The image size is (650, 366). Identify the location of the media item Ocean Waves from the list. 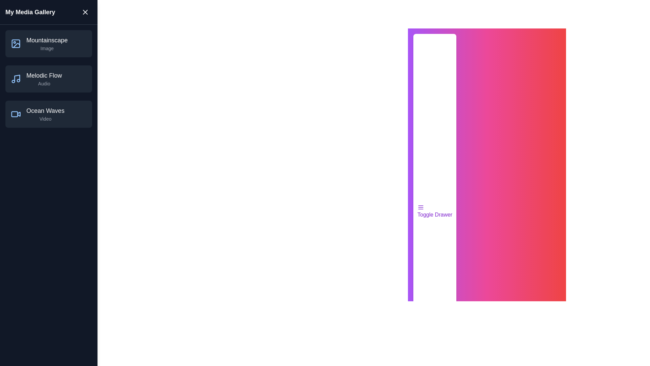
(48, 114).